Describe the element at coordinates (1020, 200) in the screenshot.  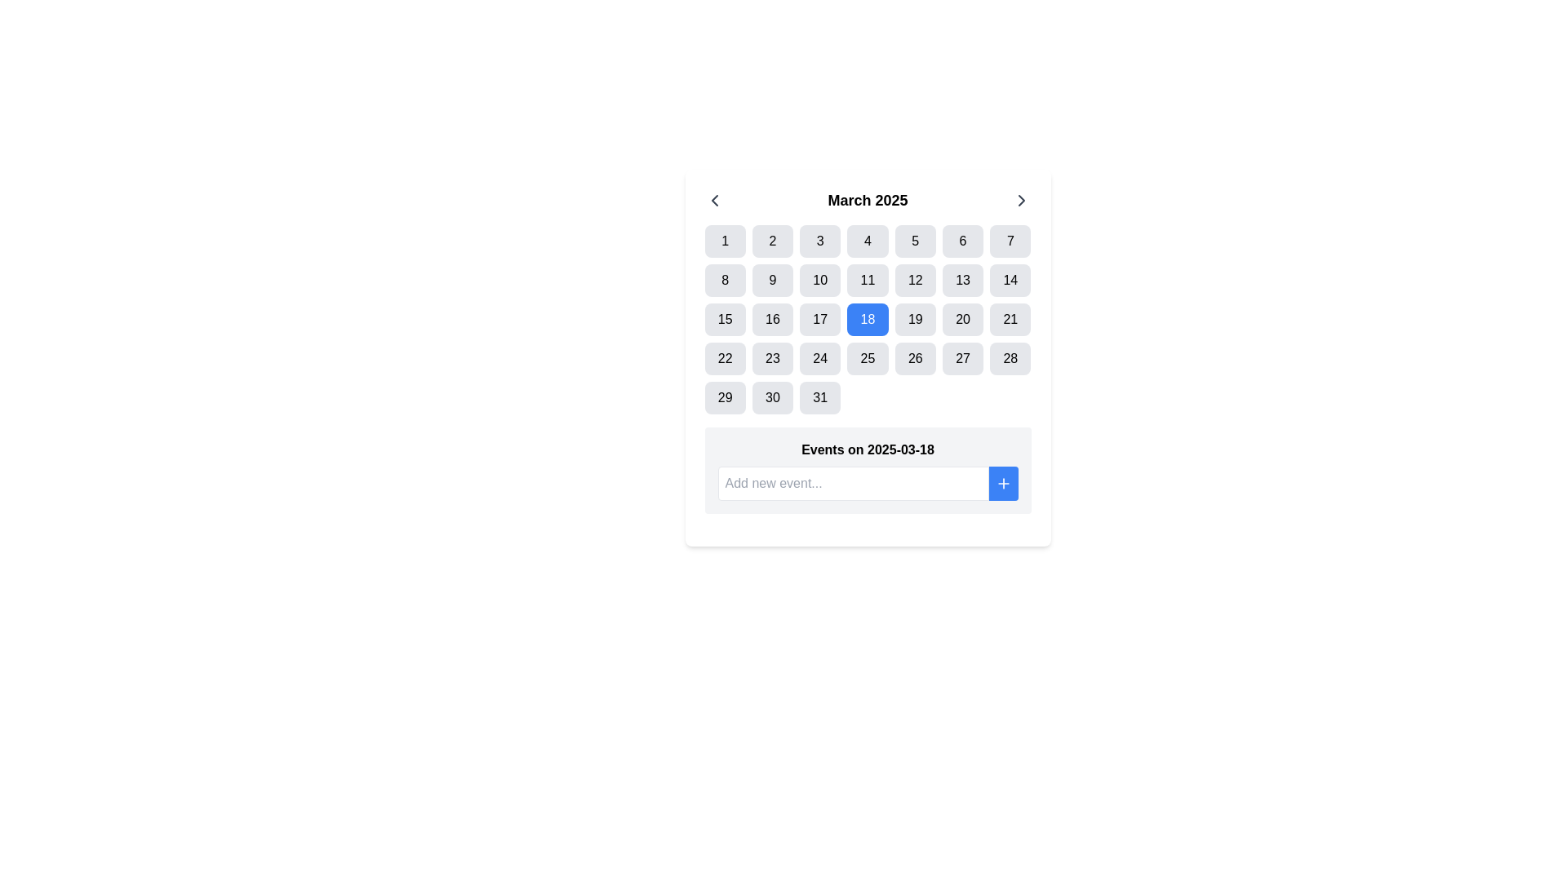
I see `the navigation button (an SVG graphic) located at the top-right corner of the calendar interface's header, positioned to the right of the title 'March 2025'` at that location.